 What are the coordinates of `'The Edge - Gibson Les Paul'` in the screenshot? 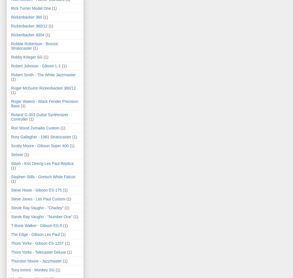 It's located at (35, 234).